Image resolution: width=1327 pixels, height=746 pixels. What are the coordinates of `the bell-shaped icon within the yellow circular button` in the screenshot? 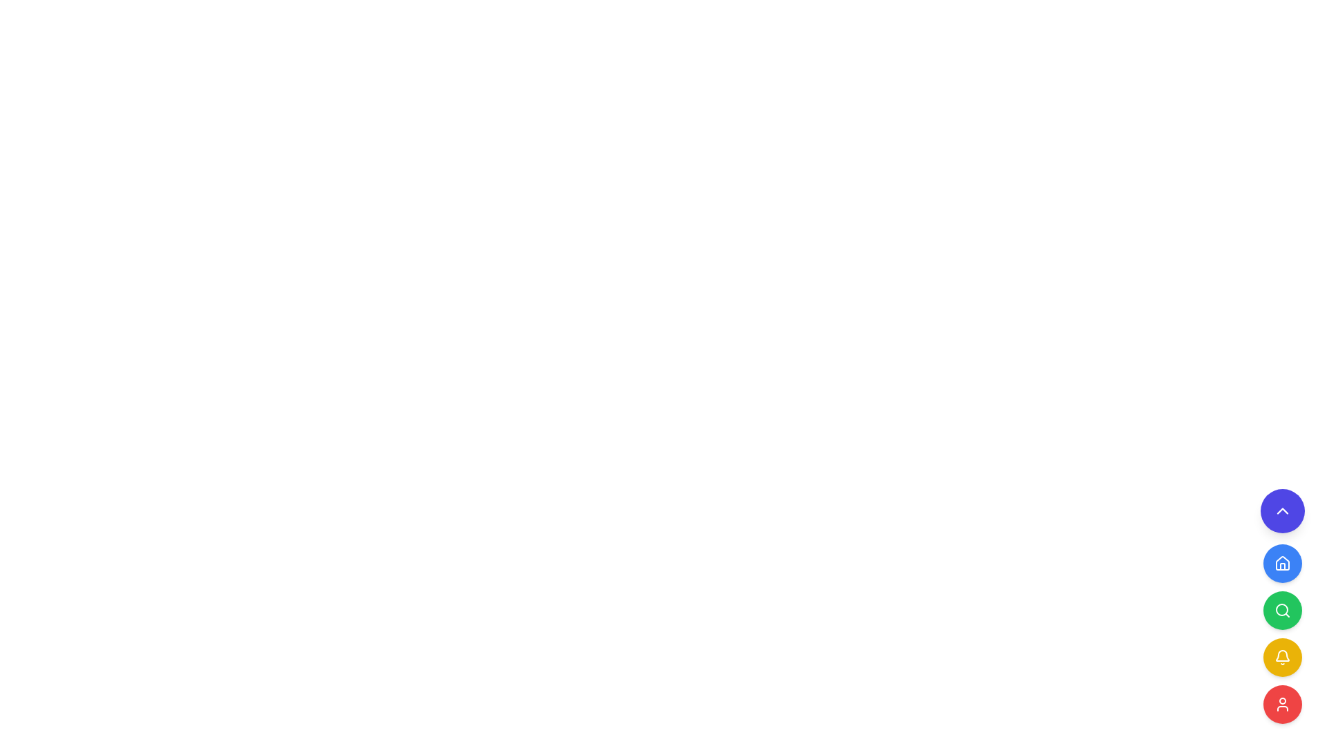 It's located at (1282, 657).